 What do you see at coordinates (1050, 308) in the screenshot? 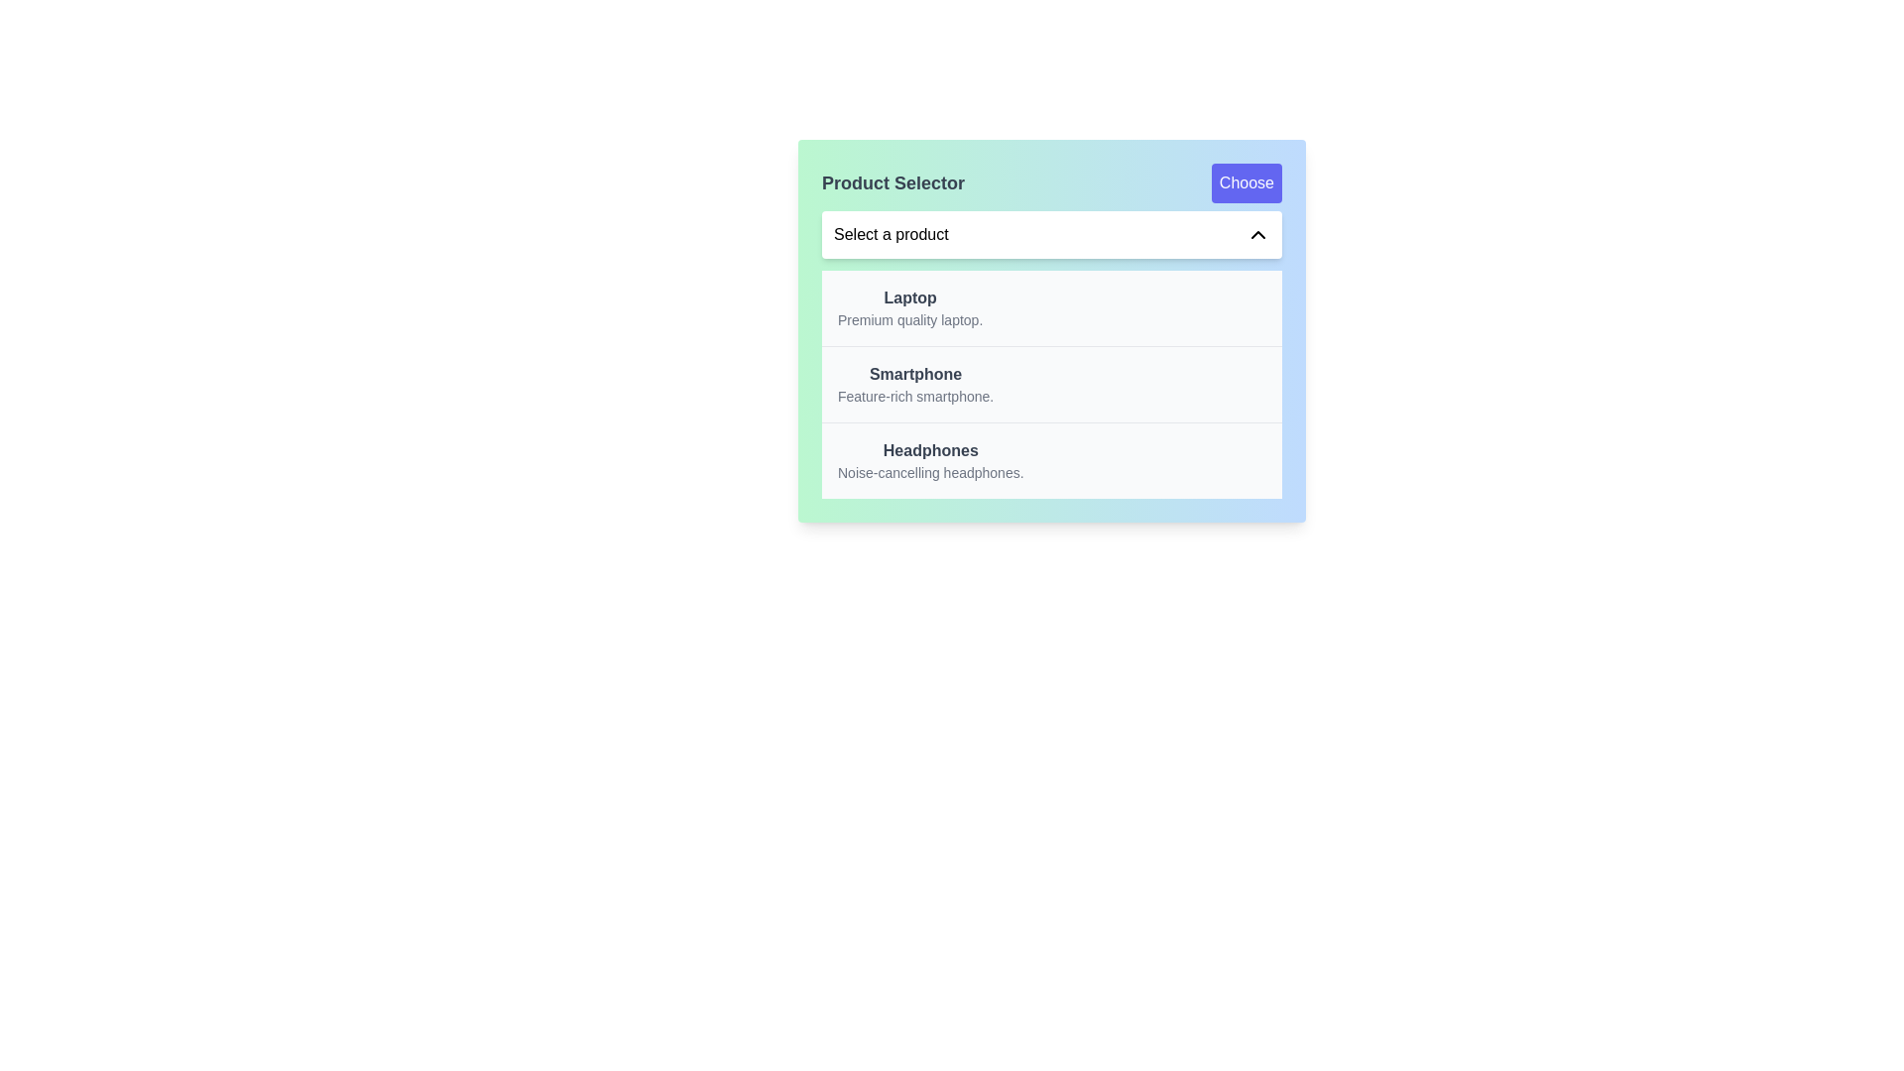
I see `the first selectable list item that displays 'Laptop' in bold dark gray with the description 'Premium quality laptop.' below it` at bounding box center [1050, 308].